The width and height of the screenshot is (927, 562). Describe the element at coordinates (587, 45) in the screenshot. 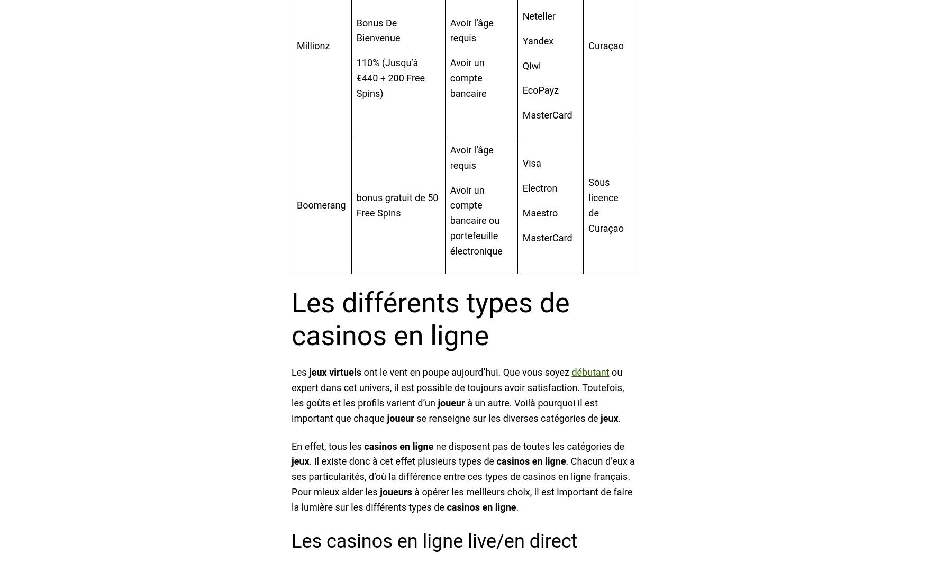

I see `'Curaçao'` at that location.